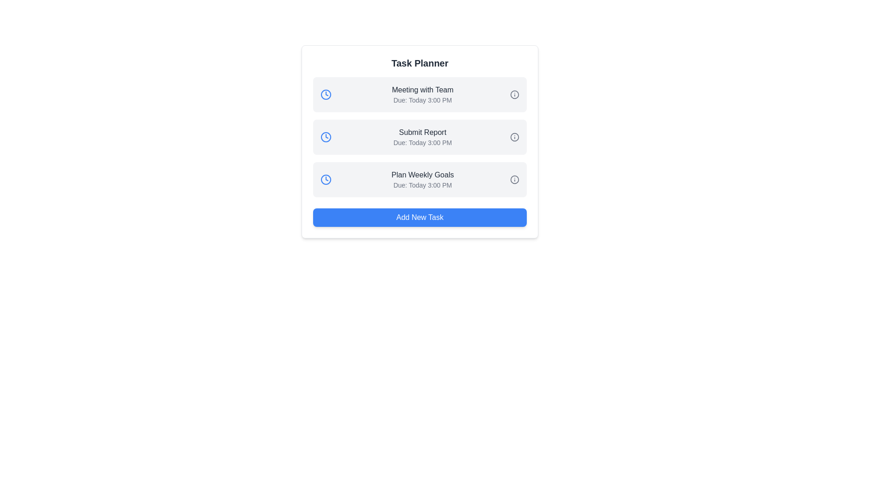  What do you see at coordinates (326, 180) in the screenshot?
I see `the circular background of the clock icon, which is located to the left of the 'Plan Weekly Goals' text in the third row of the 'Task Planner' interface` at bounding box center [326, 180].